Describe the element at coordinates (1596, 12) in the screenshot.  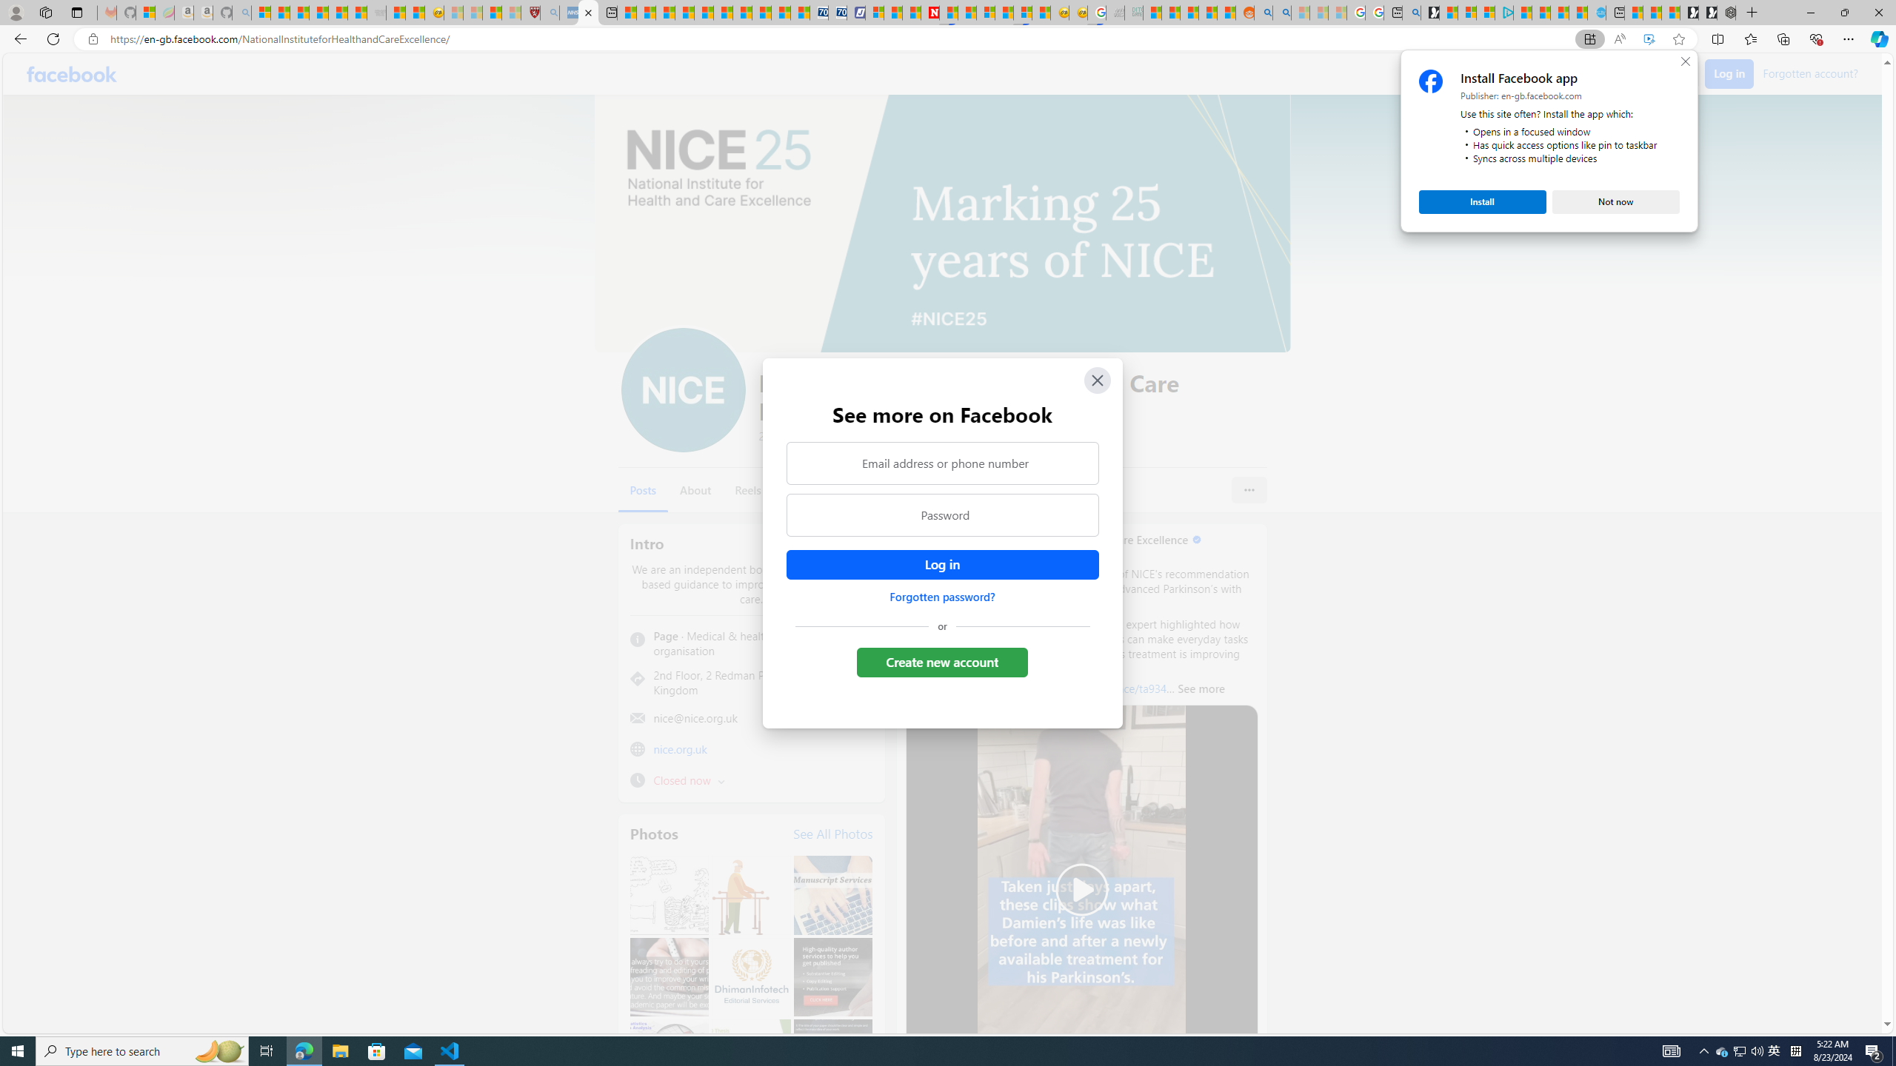
I see `'Home | Sky Blue Bikes - Sky Blue Bikes'` at that location.